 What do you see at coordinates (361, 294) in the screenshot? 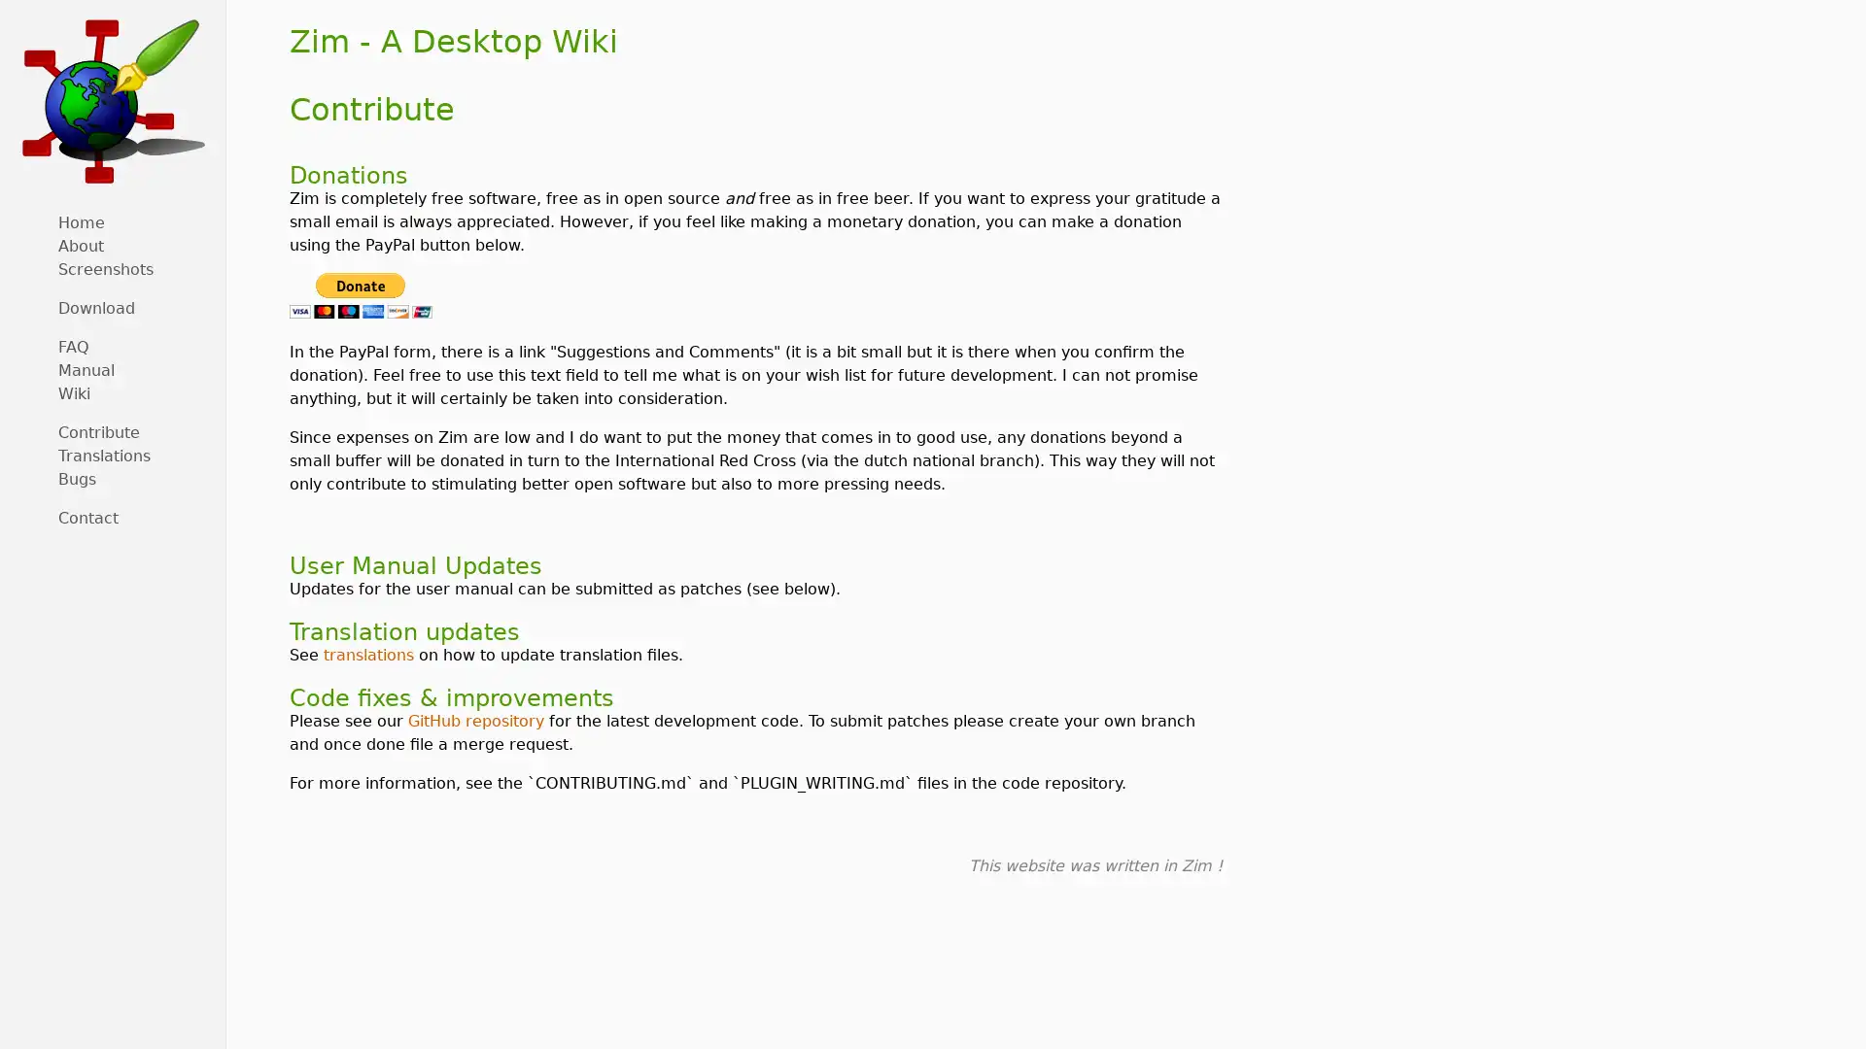
I see `PayPal - The safer, easier way to pay online!` at bounding box center [361, 294].